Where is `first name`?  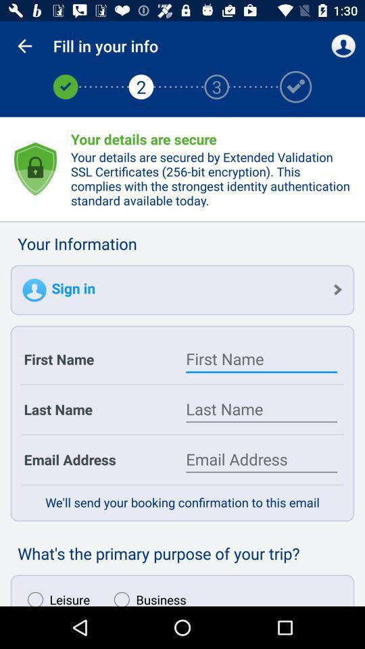
first name is located at coordinates (262, 358).